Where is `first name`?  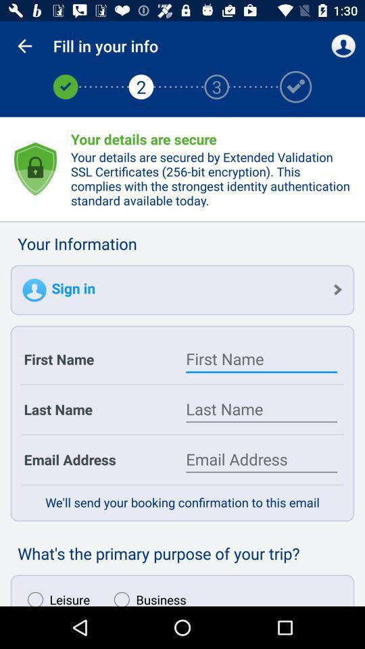
first name is located at coordinates (262, 358).